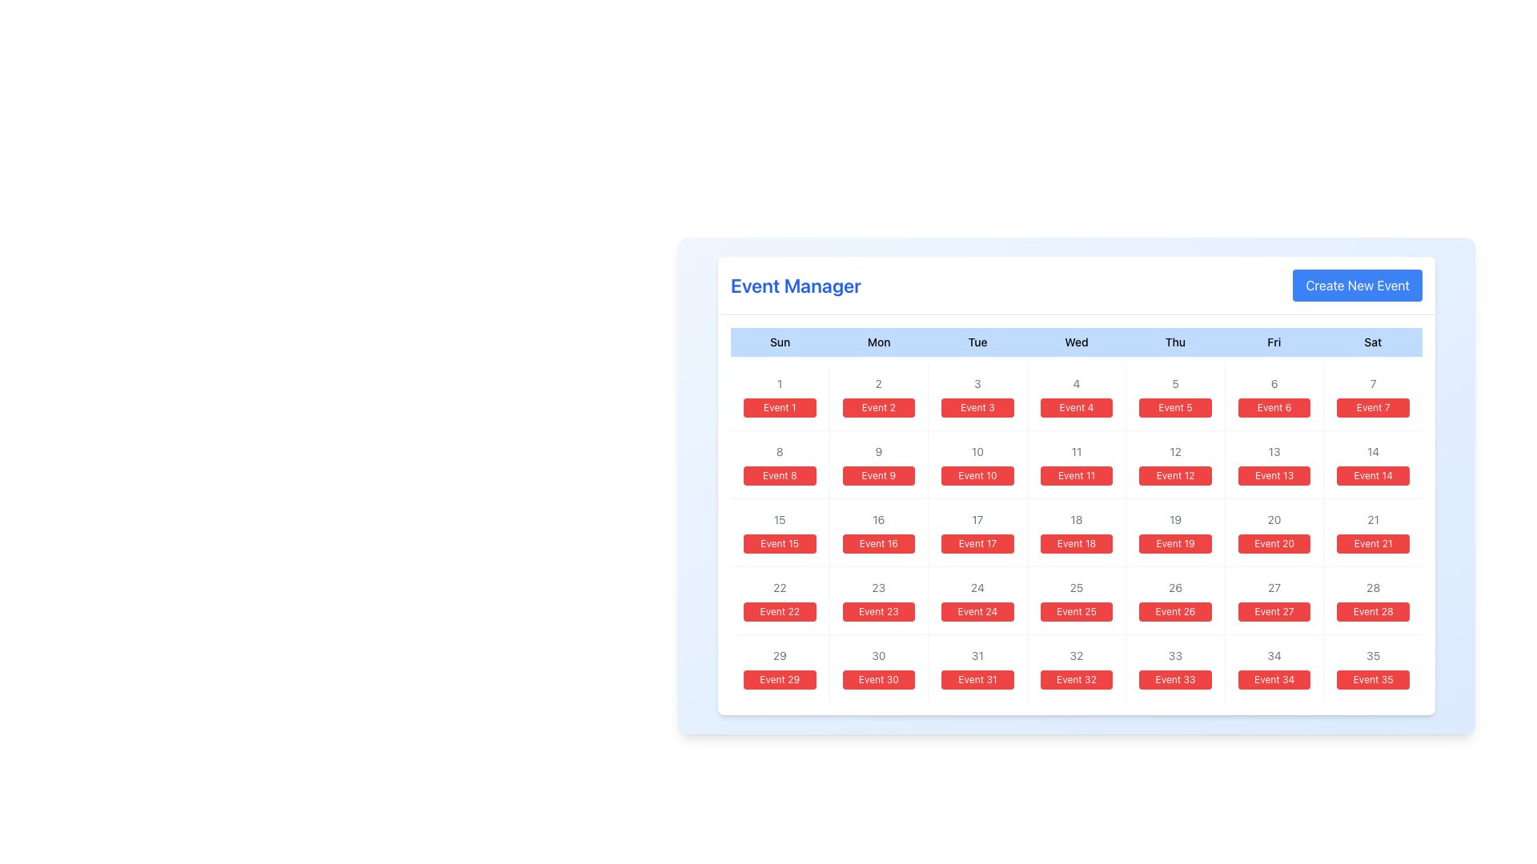 Image resolution: width=1537 pixels, height=864 pixels. What do you see at coordinates (1076, 656) in the screenshot?
I see `the text label displaying the numeric day '32' within the calendar grid layout located in the sixth row and fourth column` at bounding box center [1076, 656].